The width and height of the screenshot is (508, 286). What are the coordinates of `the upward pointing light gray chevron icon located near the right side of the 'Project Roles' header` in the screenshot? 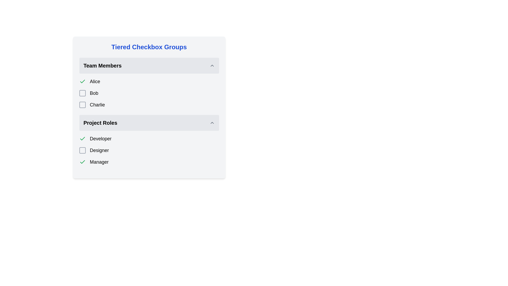 It's located at (212, 123).